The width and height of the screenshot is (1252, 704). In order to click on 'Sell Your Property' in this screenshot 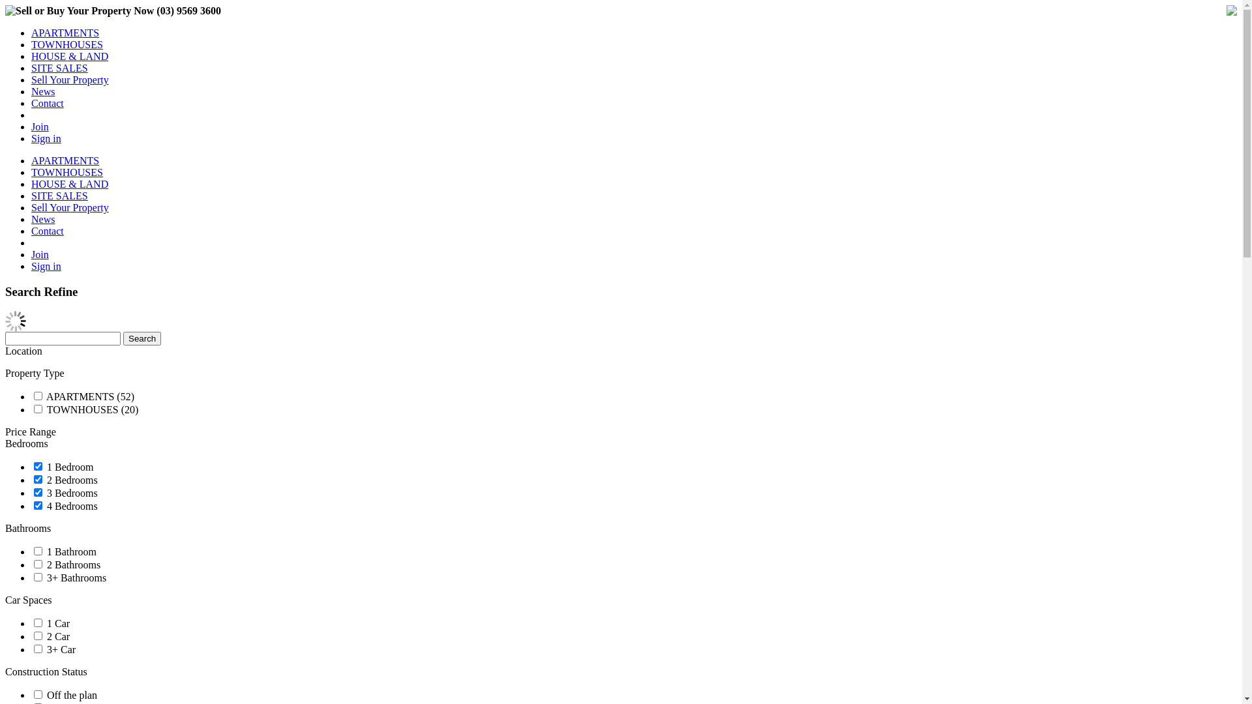, I will do `click(31, 80)`.